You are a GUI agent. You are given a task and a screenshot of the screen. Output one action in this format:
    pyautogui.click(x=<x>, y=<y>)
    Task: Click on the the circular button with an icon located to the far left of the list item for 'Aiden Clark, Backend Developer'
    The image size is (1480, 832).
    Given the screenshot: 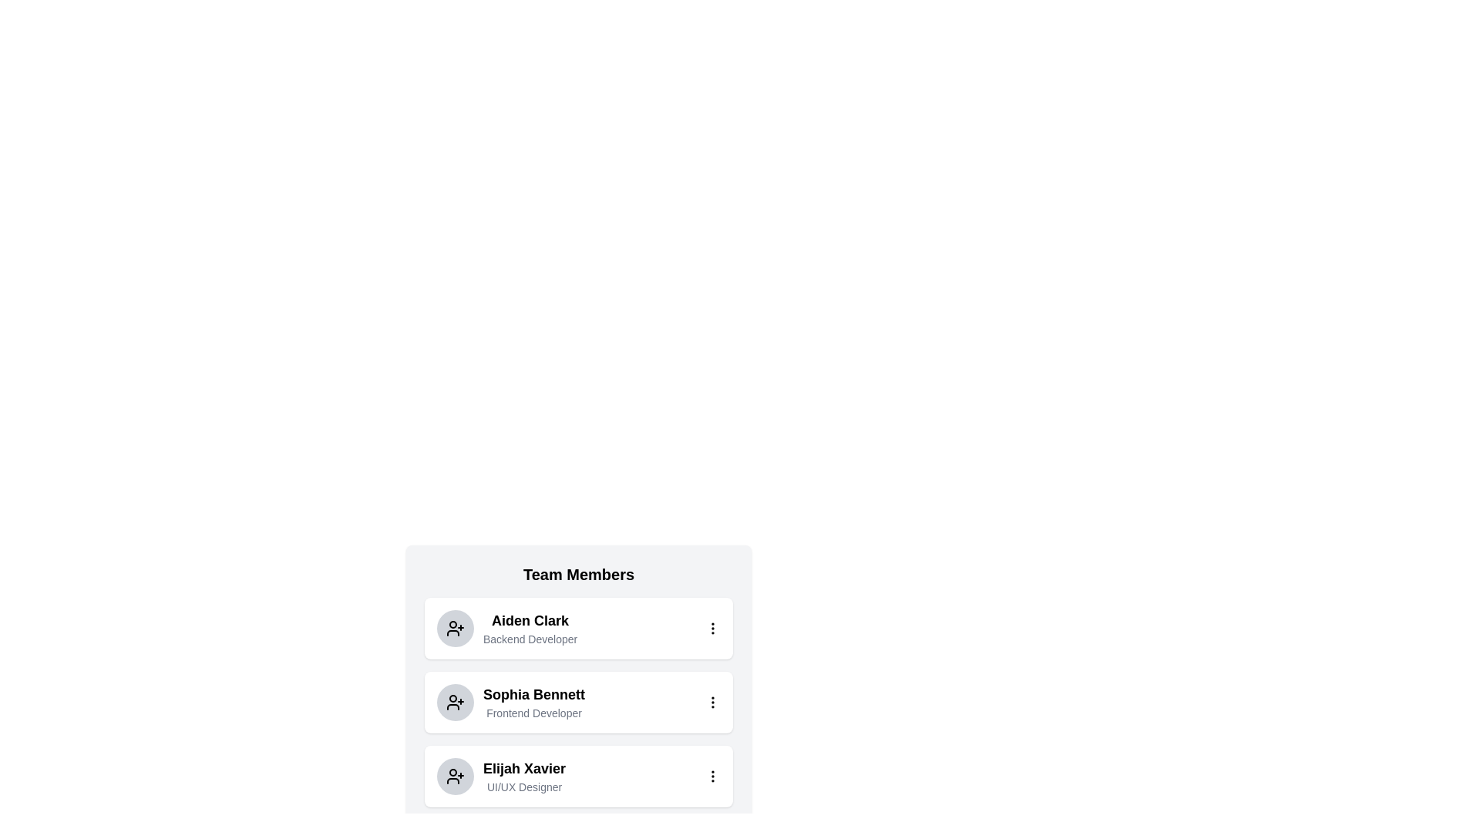 What is the action you would take?
    pyautogui.click(x=454, y=629)
    